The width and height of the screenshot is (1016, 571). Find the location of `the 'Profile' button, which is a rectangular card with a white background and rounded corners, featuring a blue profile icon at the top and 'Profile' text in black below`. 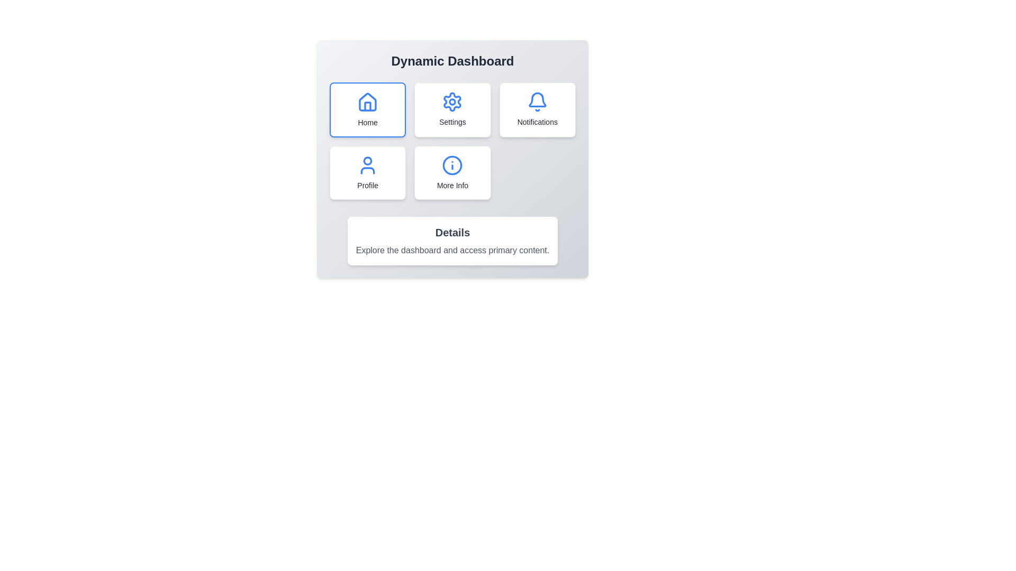

the 'Profile' button, which is a rectangular card with a white background and rounded corners, featuring a blue profile icon at the top and 'Profile' text in black below is located at coordinates (368, 172).